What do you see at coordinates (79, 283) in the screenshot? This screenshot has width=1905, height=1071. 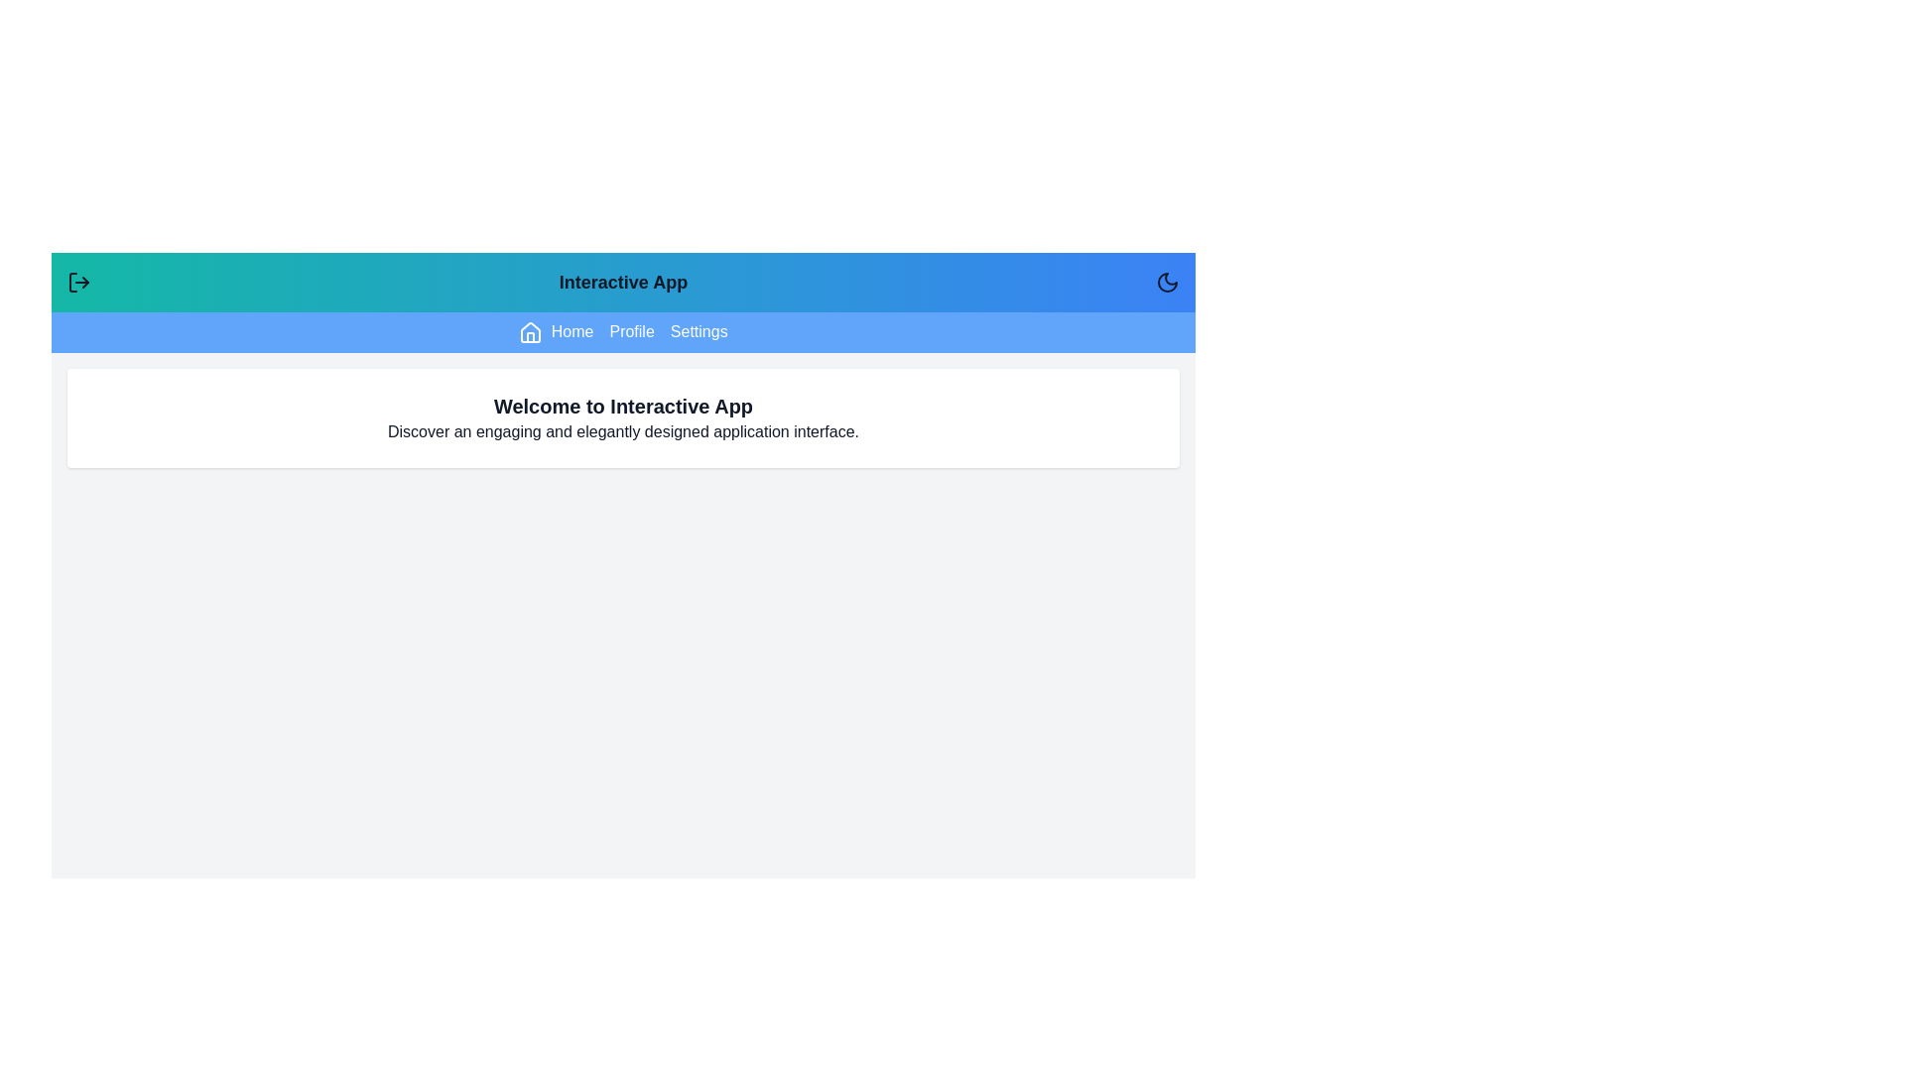 I see `left button in the header to toggle the menu visibility` at bounding box center [79, 283].